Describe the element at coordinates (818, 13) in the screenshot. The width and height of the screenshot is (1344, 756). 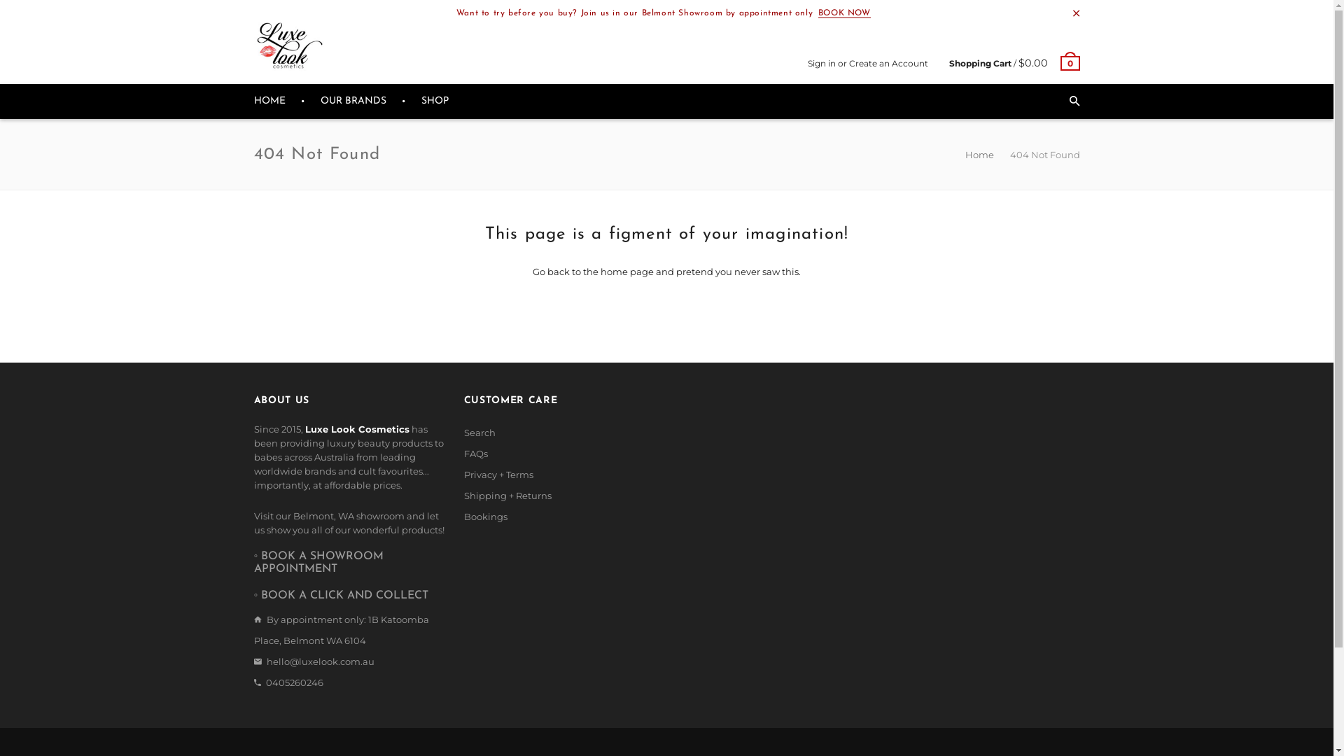
I see `'BOOK NOW'` at that location.